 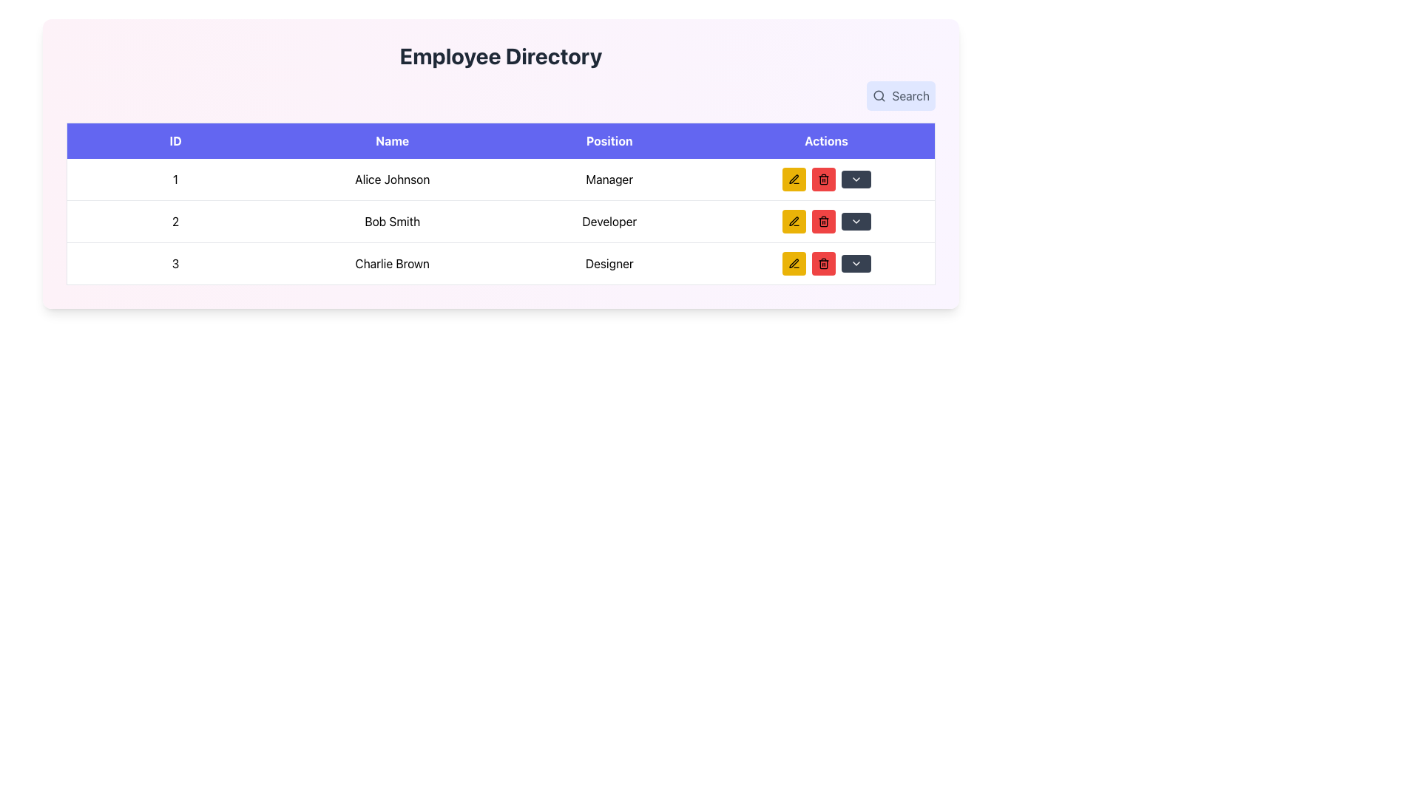 What do you see at coordinates (825, 140) in the screenshot?
I see `the 'Actions' text label in the table header, which is a rectangular segment with bold white text on a blue background, located in the fourth column` at bounding box center [825, 140].